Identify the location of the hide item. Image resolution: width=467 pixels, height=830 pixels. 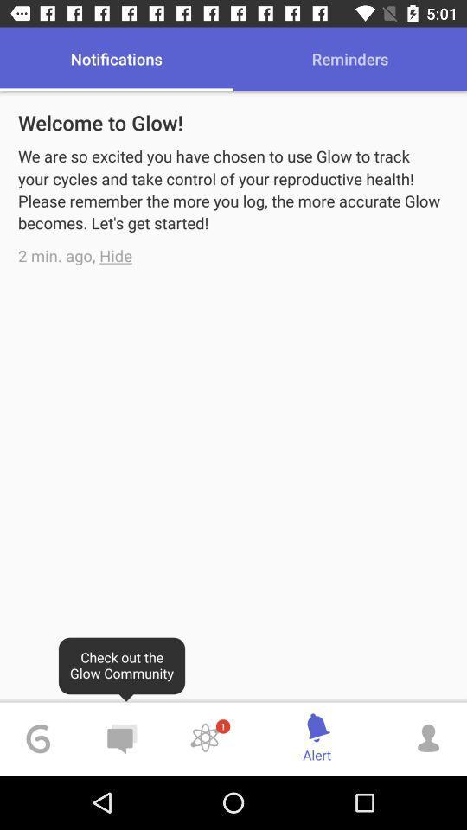
(116, 254).